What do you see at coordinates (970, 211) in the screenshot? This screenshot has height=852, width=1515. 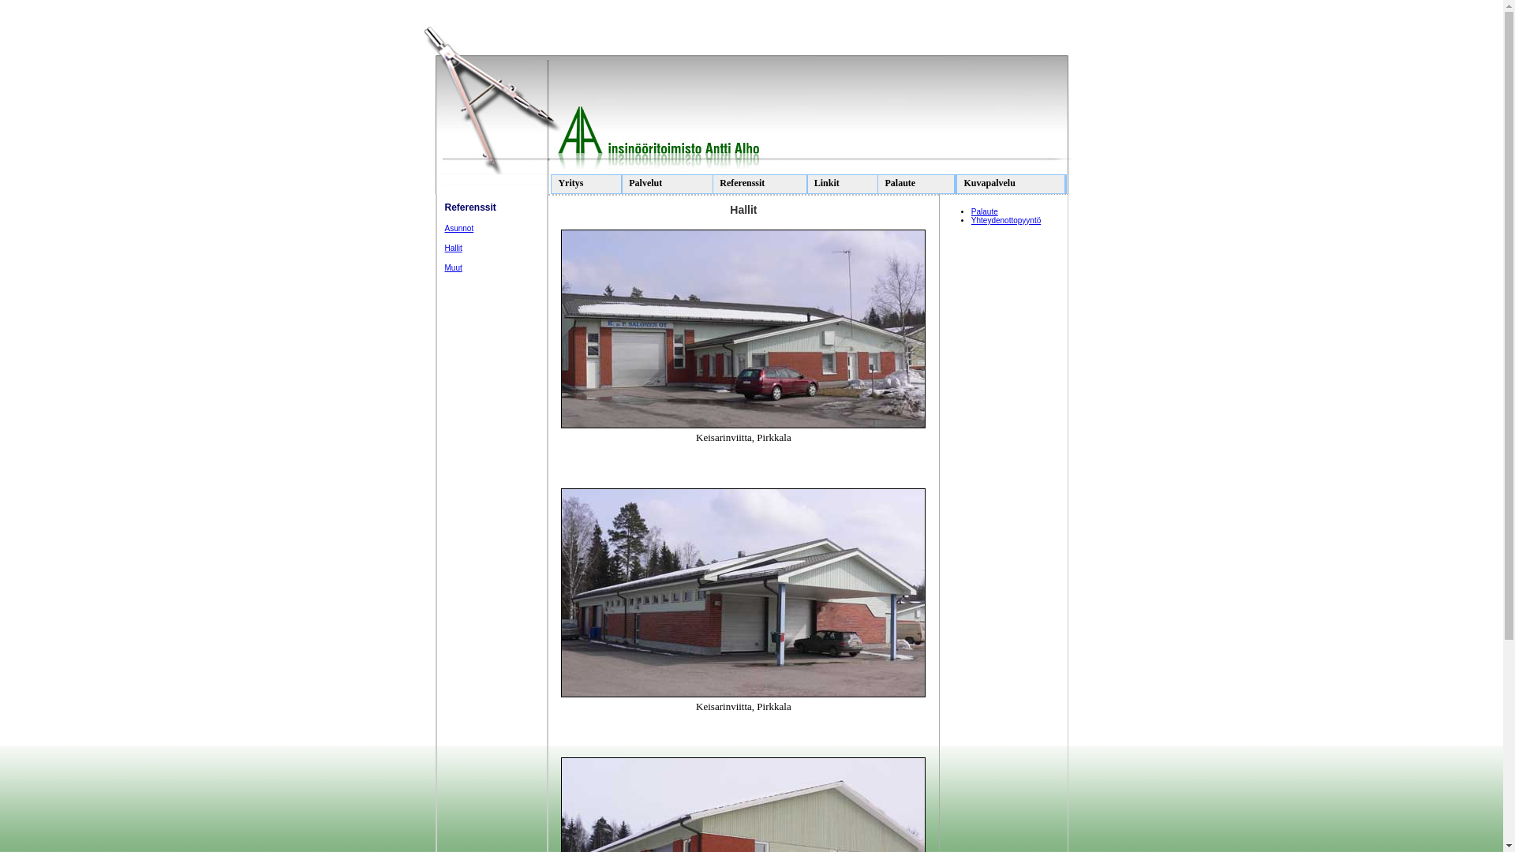 I see `'Palaute'` at bounding box center [970, 211].